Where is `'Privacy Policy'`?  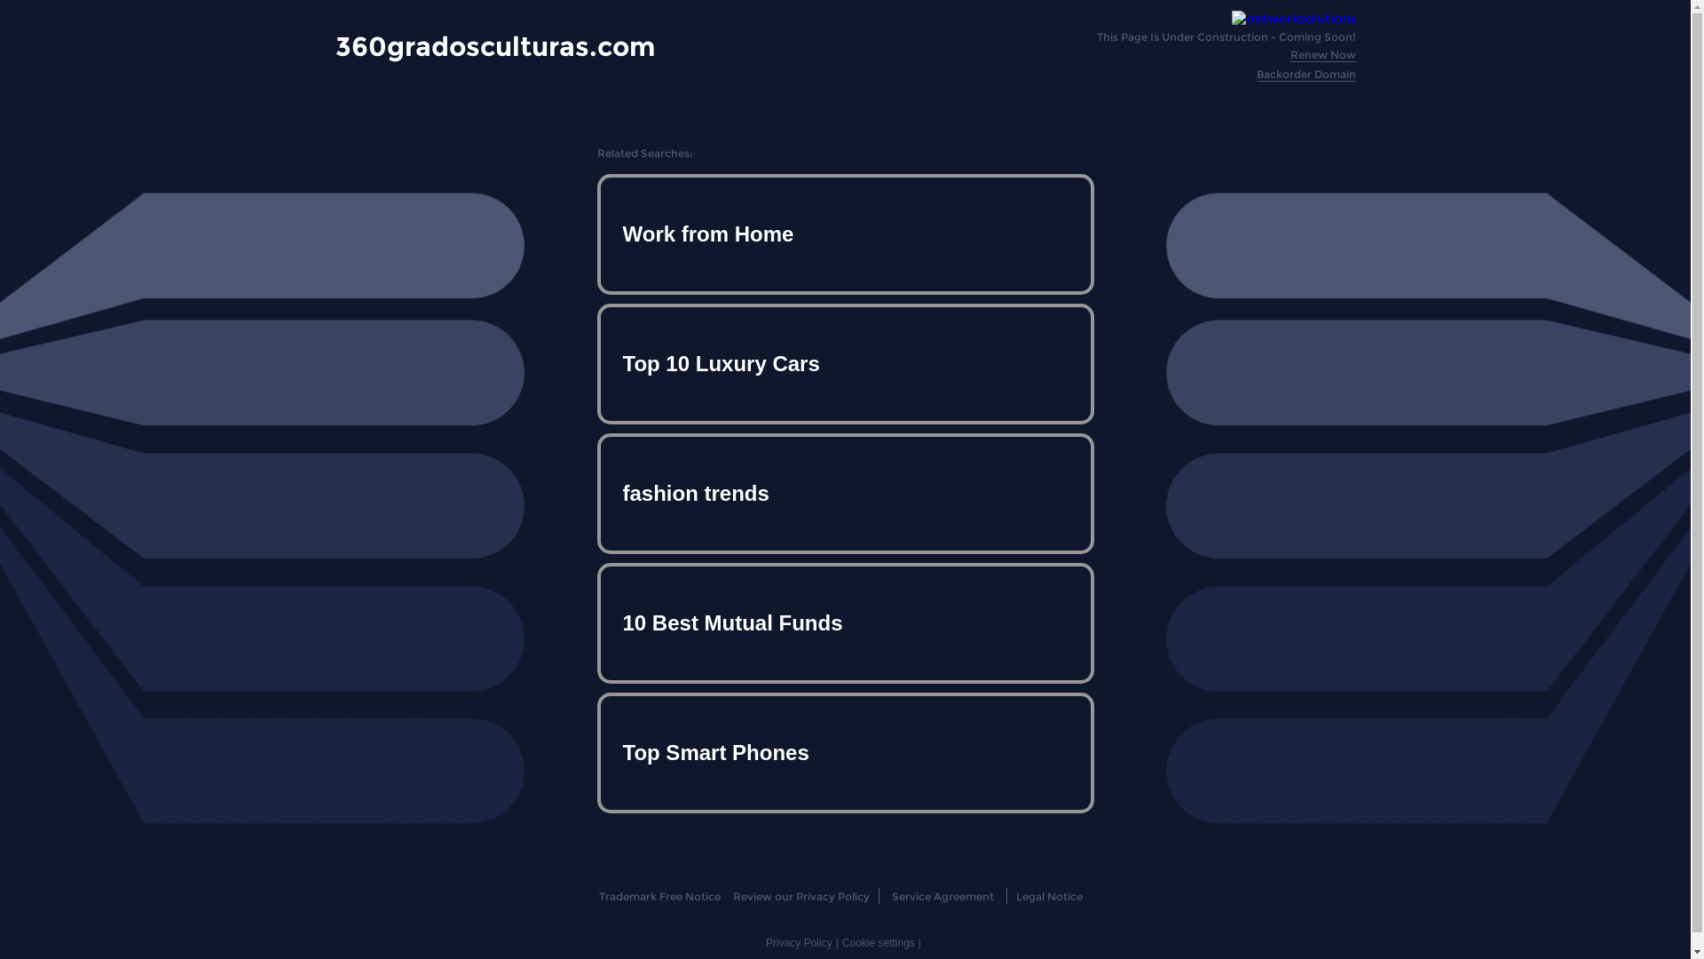
'Privacy Policy' is located at coordinates (766, 941).